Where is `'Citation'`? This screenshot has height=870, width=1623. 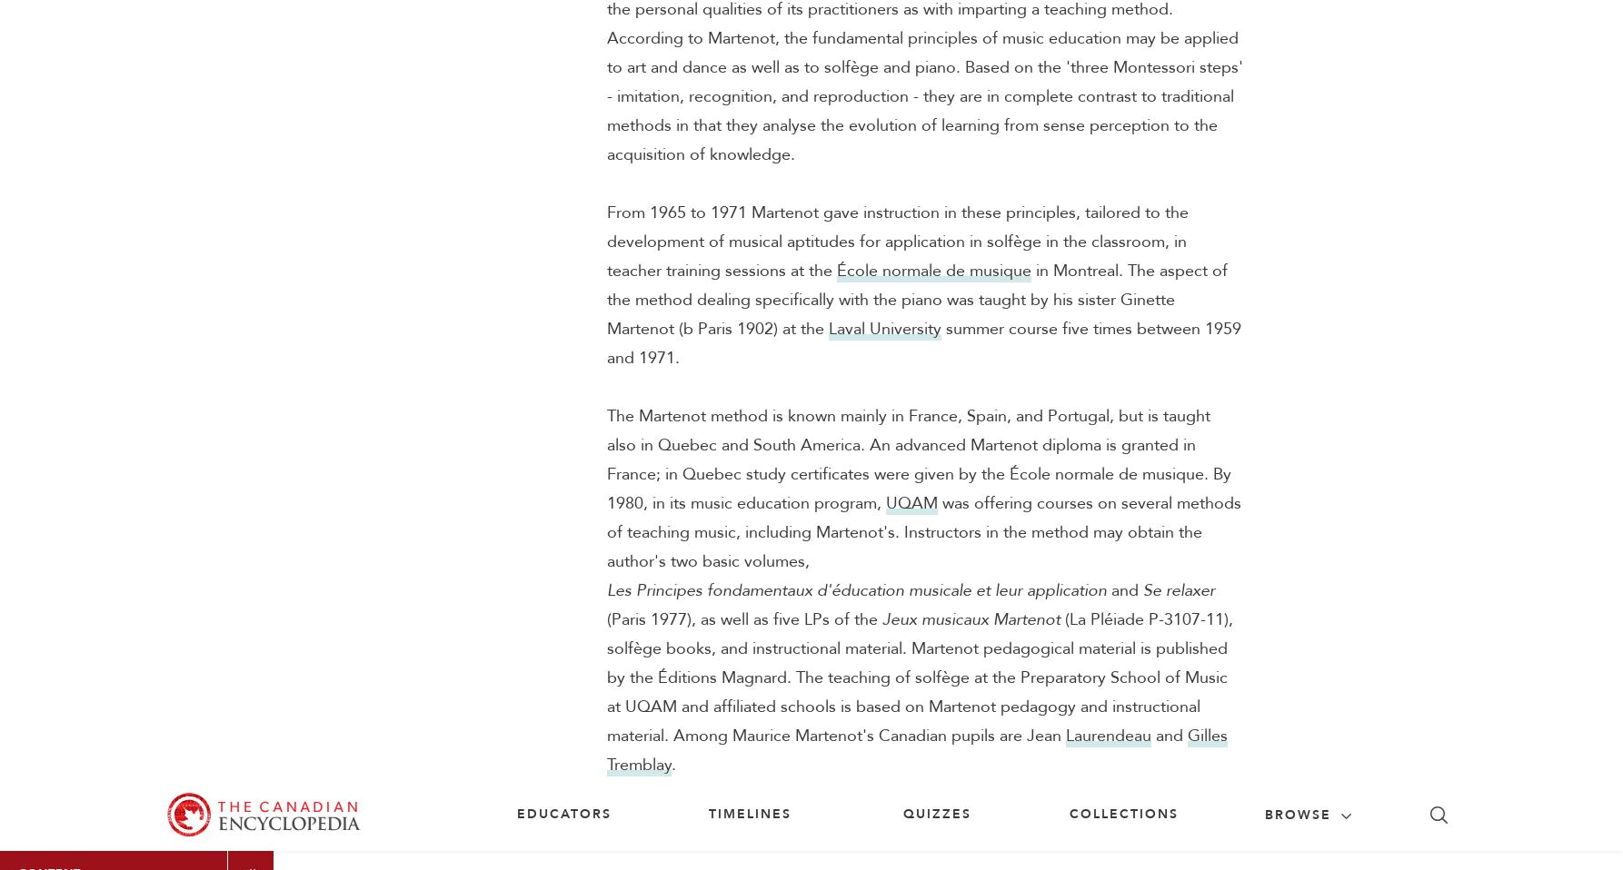 'Citation' is located at coordinates (1550, 320).